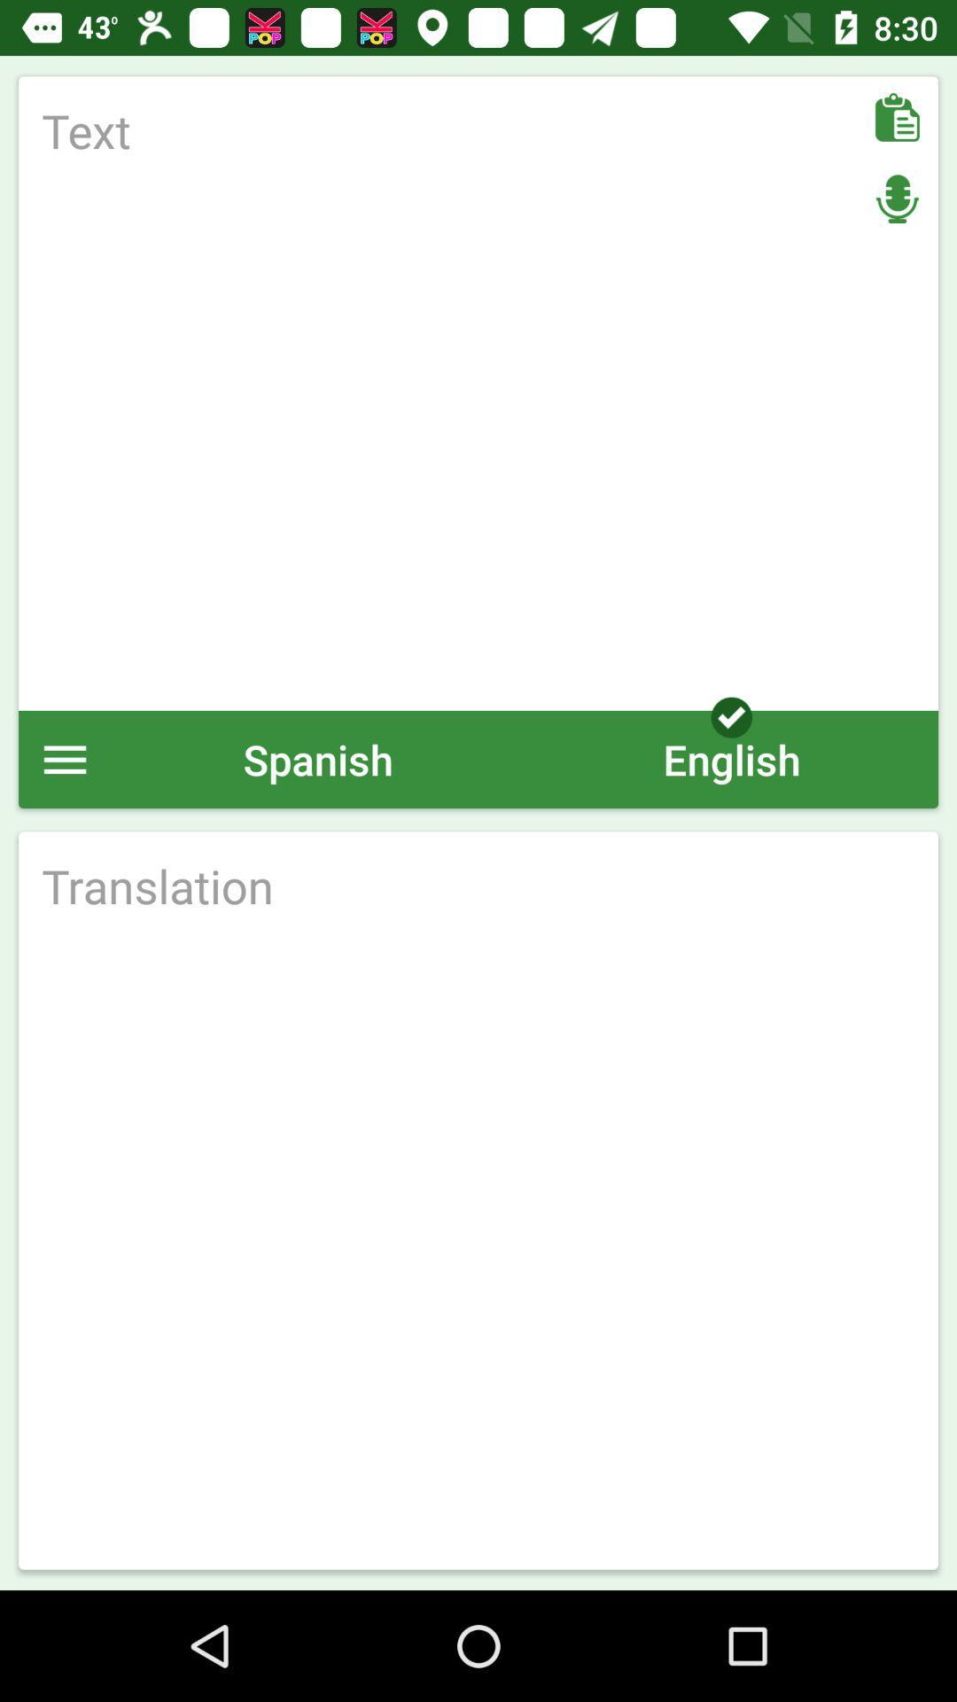 The width and height of the screenshot is (957, 1702). I want to click on icon next to spanish icon, so click(731, 759).